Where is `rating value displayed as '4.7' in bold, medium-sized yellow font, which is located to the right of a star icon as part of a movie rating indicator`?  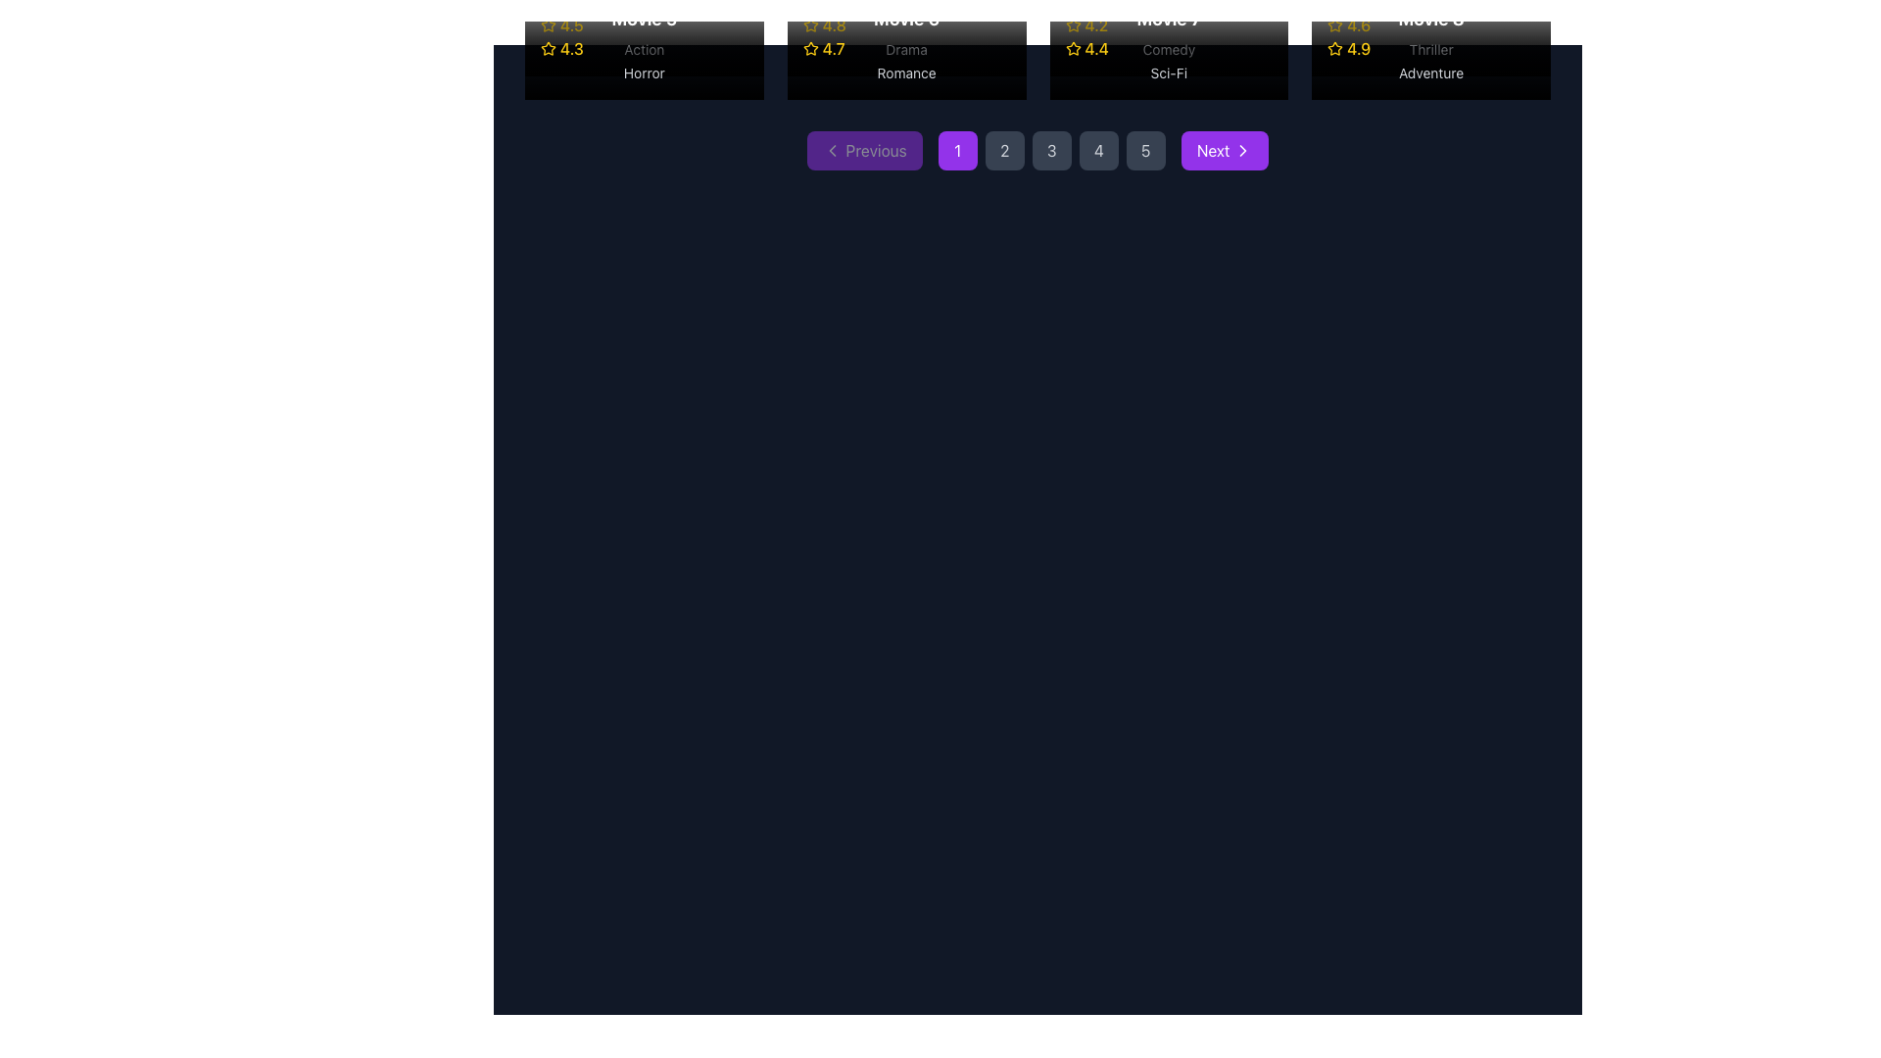 rating value displayed as '4.7' in bold, medium-sized yellow font, which is located to the right of a star icon as part of a movie rating indicator is located at coordinates (834, 48).